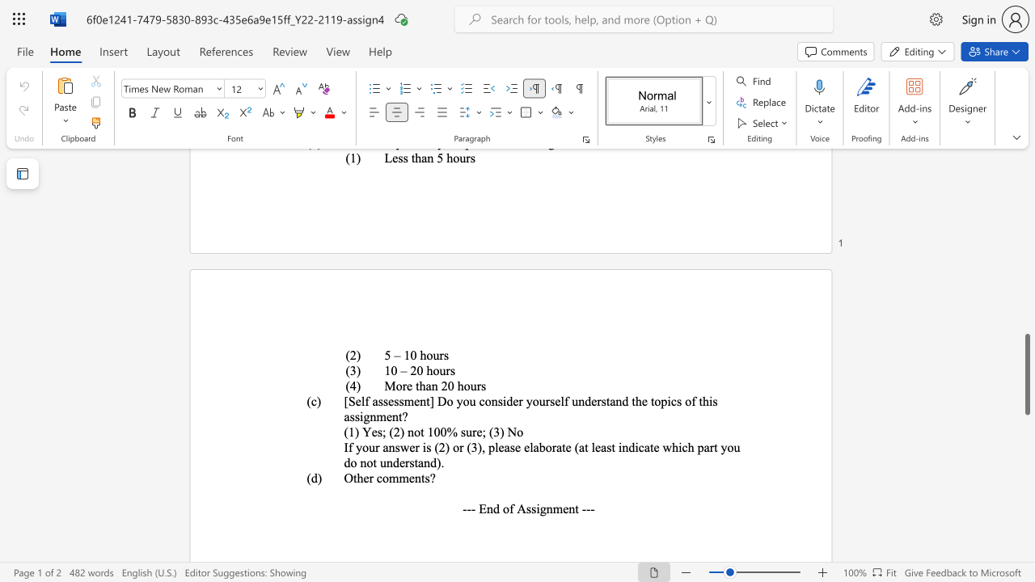  I want to click on the subset text "erstan" within the text "If your answer is (2) or (3), please elaborate (at least indicate which part you do not understand).", so click(399, 462).